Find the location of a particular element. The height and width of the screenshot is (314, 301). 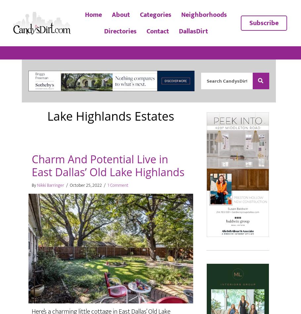

'1 Comment' is located at coordinates (117, 185).